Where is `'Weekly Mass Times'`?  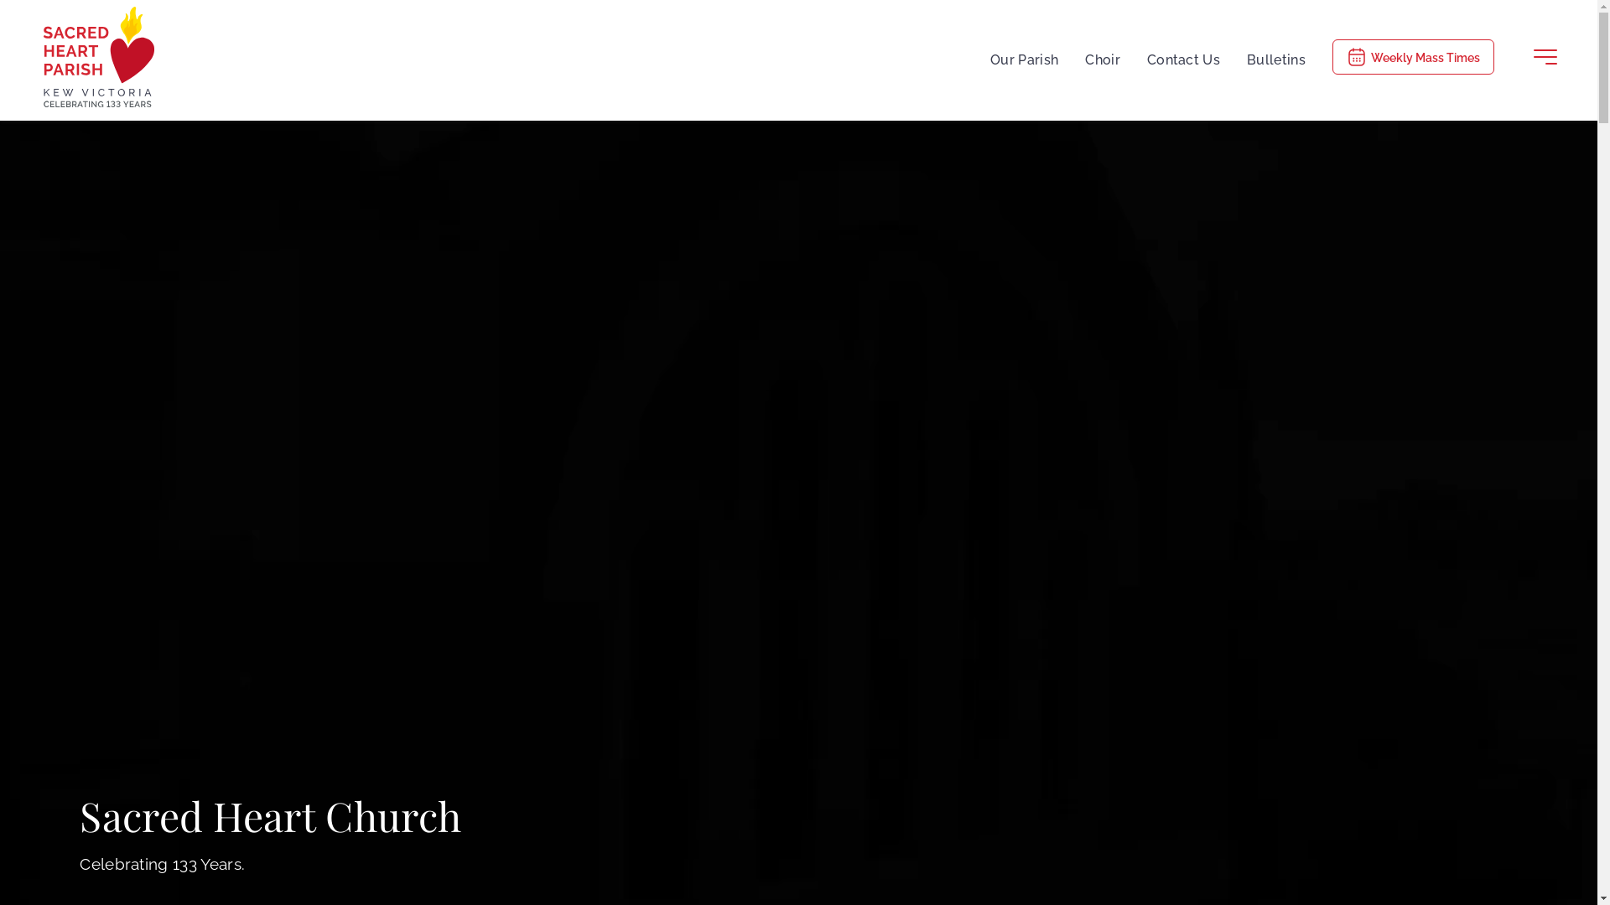
'Weekly Mass Times' is located at coordinates (1412, 56).